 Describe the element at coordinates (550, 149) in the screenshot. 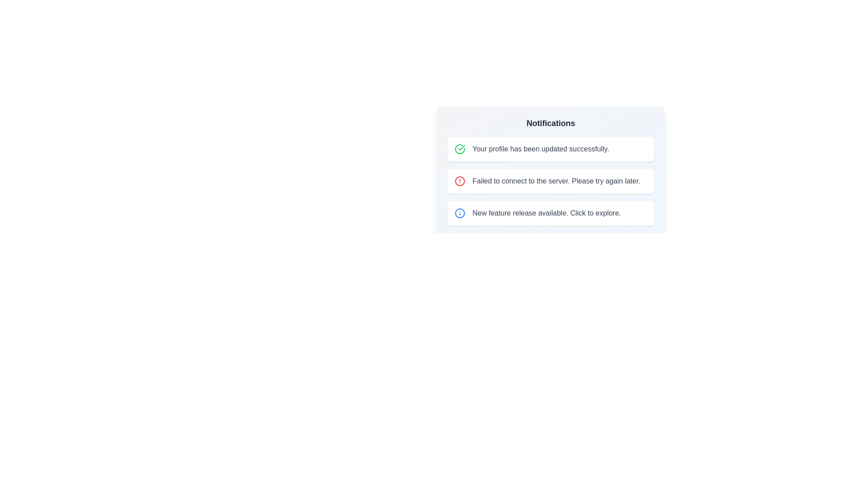

I see `the Notification Card that informs the user about the successful profile update, which is the first card in the list of notifications` at that location.